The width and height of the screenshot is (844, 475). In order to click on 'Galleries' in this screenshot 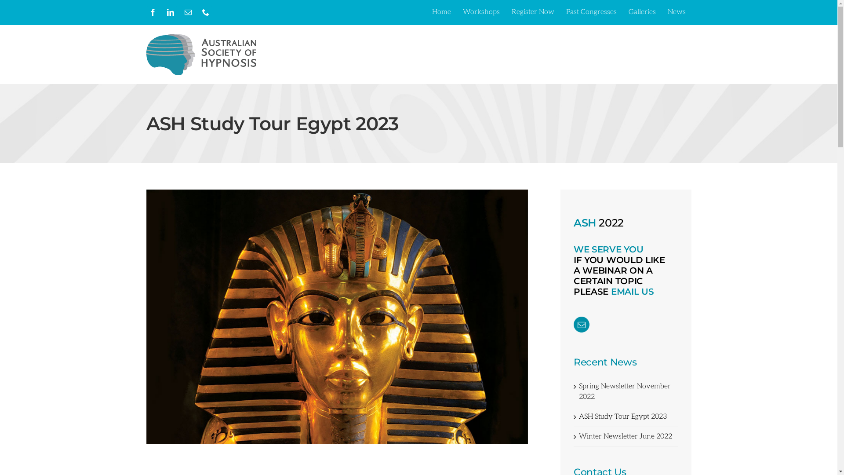, I will do `click(622, 12)`.